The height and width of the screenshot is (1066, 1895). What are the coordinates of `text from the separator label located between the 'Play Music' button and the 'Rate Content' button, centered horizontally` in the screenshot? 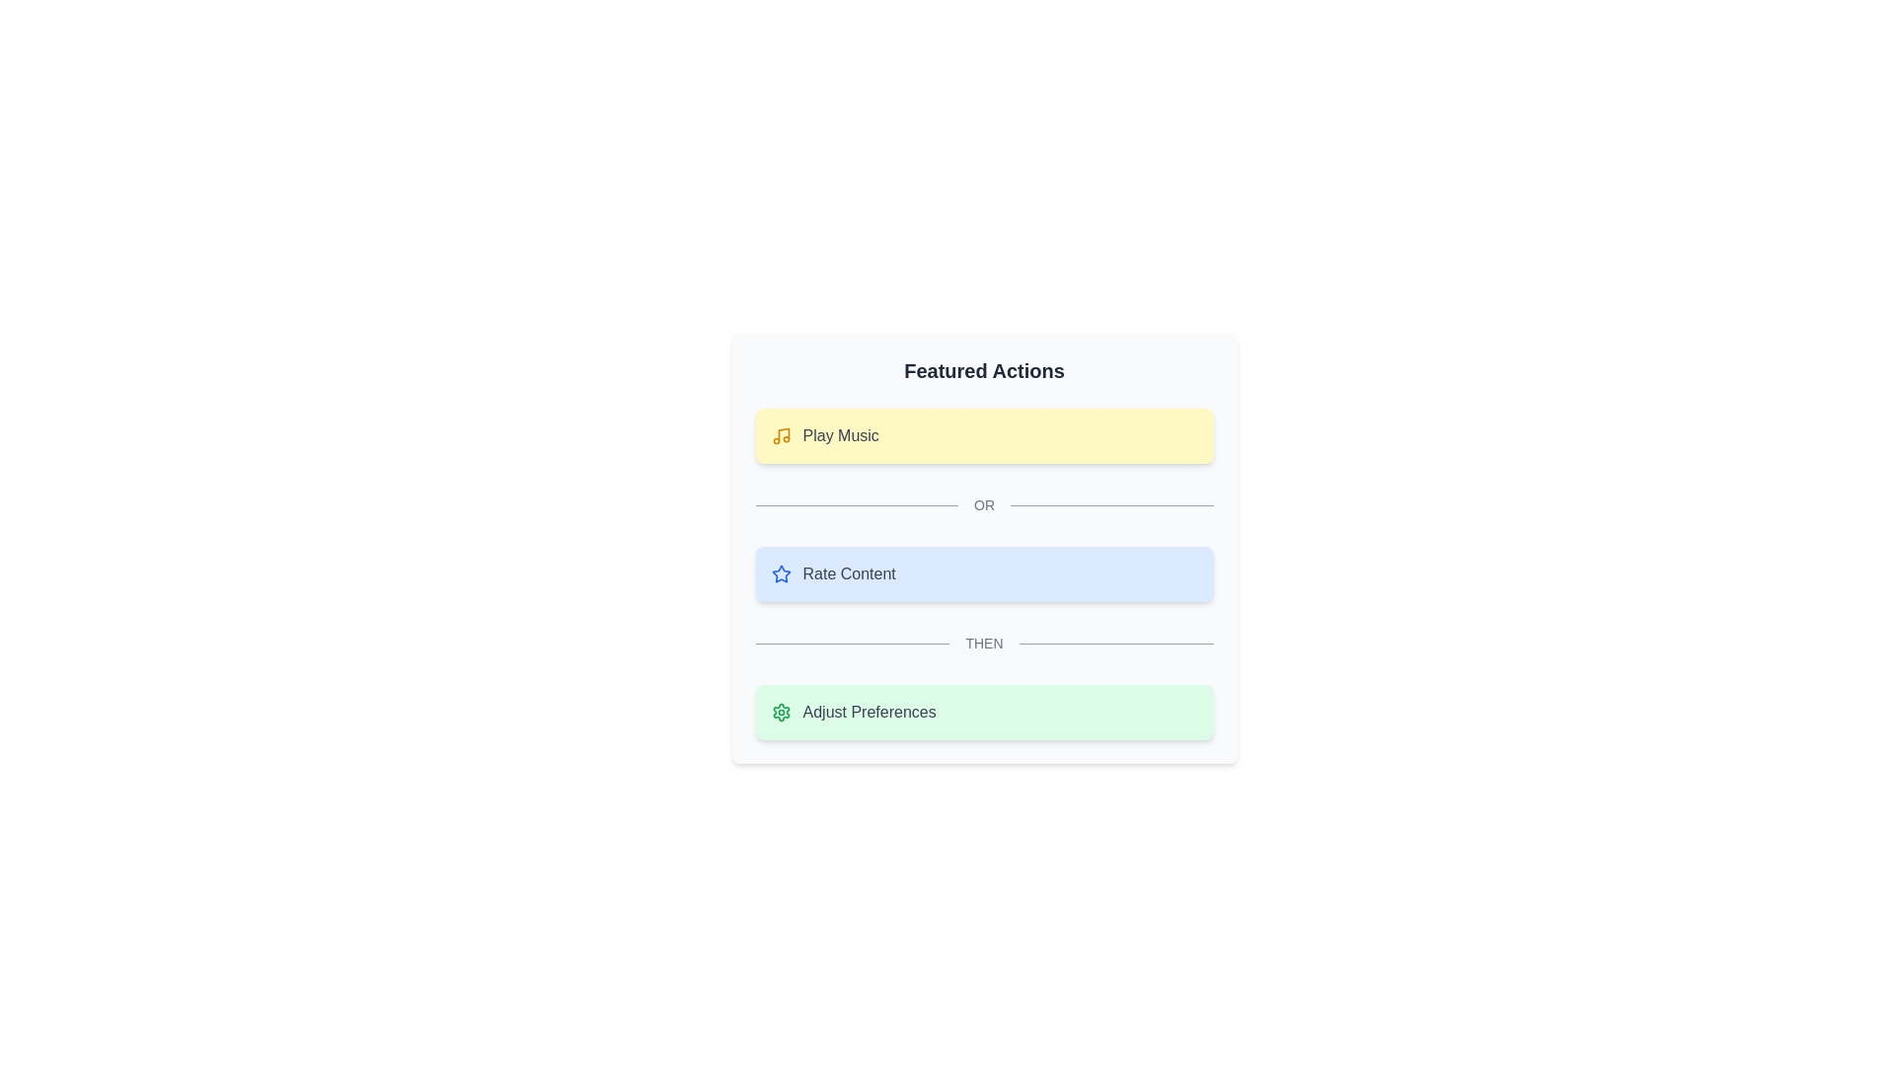 It's located at (984, 504).